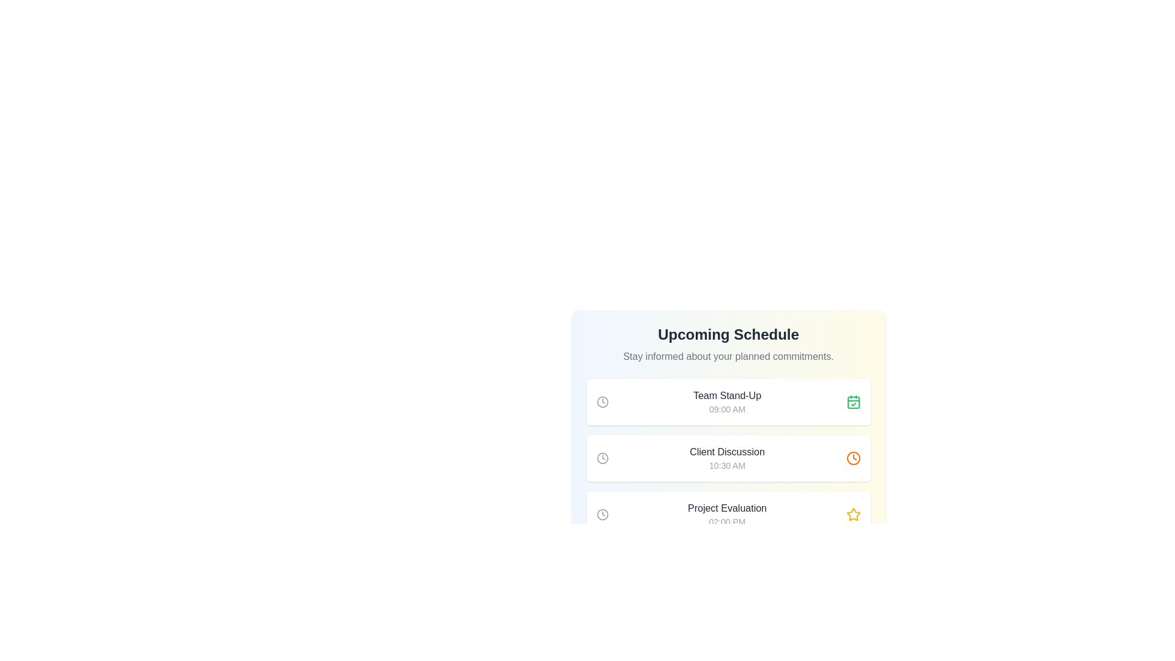 Image resolution: width=1175 pixels, height=661 pixels. I want to click on the clock icon that visually indicates the time associated with the 'Client Discussion' schedule entry, positioned to the left of the text 'Client Discussion' and '10:30 AM', so click(602, 458).